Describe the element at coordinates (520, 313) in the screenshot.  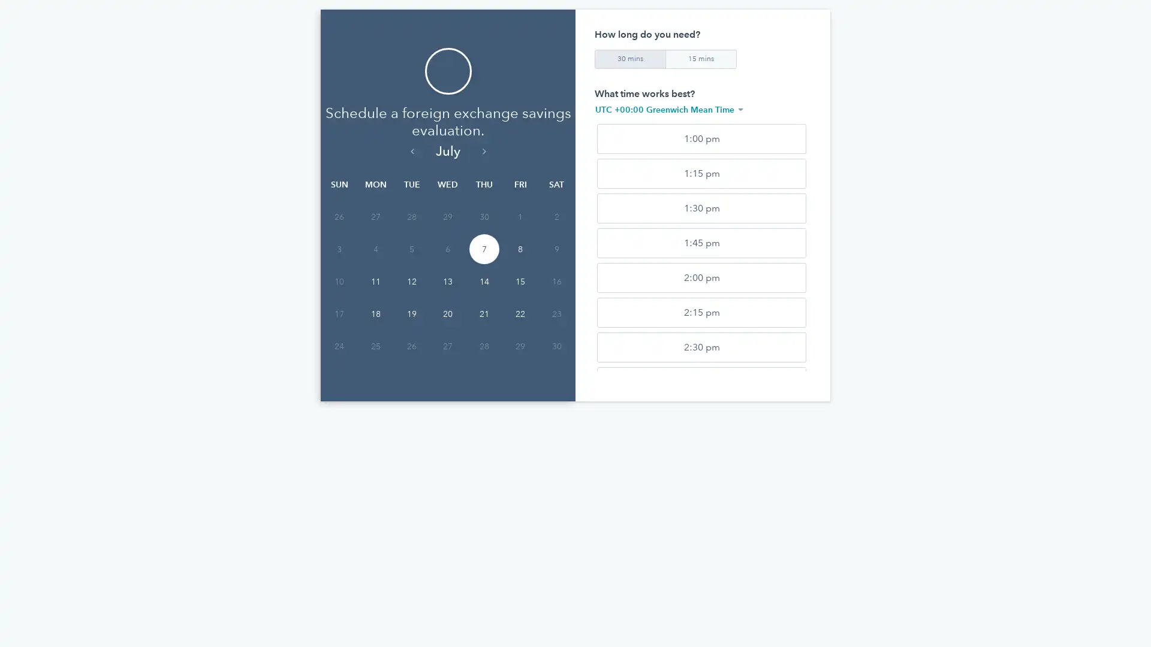
I see `July 22nd` at that location.